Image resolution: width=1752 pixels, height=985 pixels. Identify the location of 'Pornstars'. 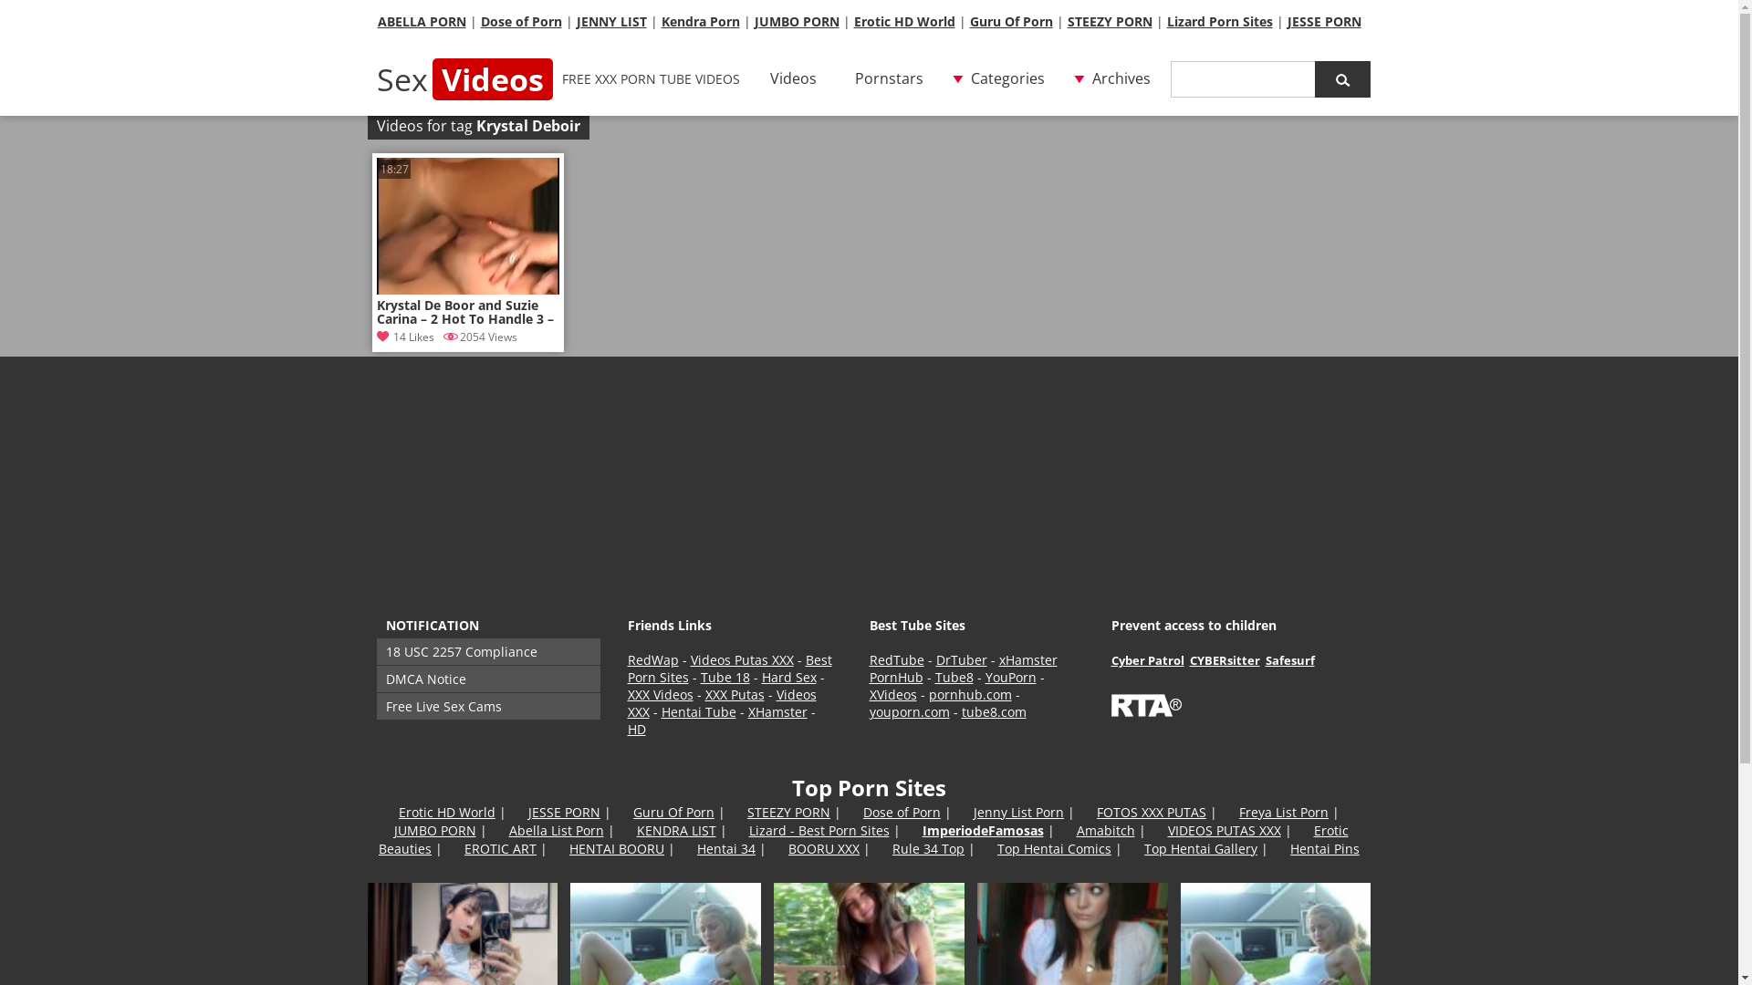
(888, 78).